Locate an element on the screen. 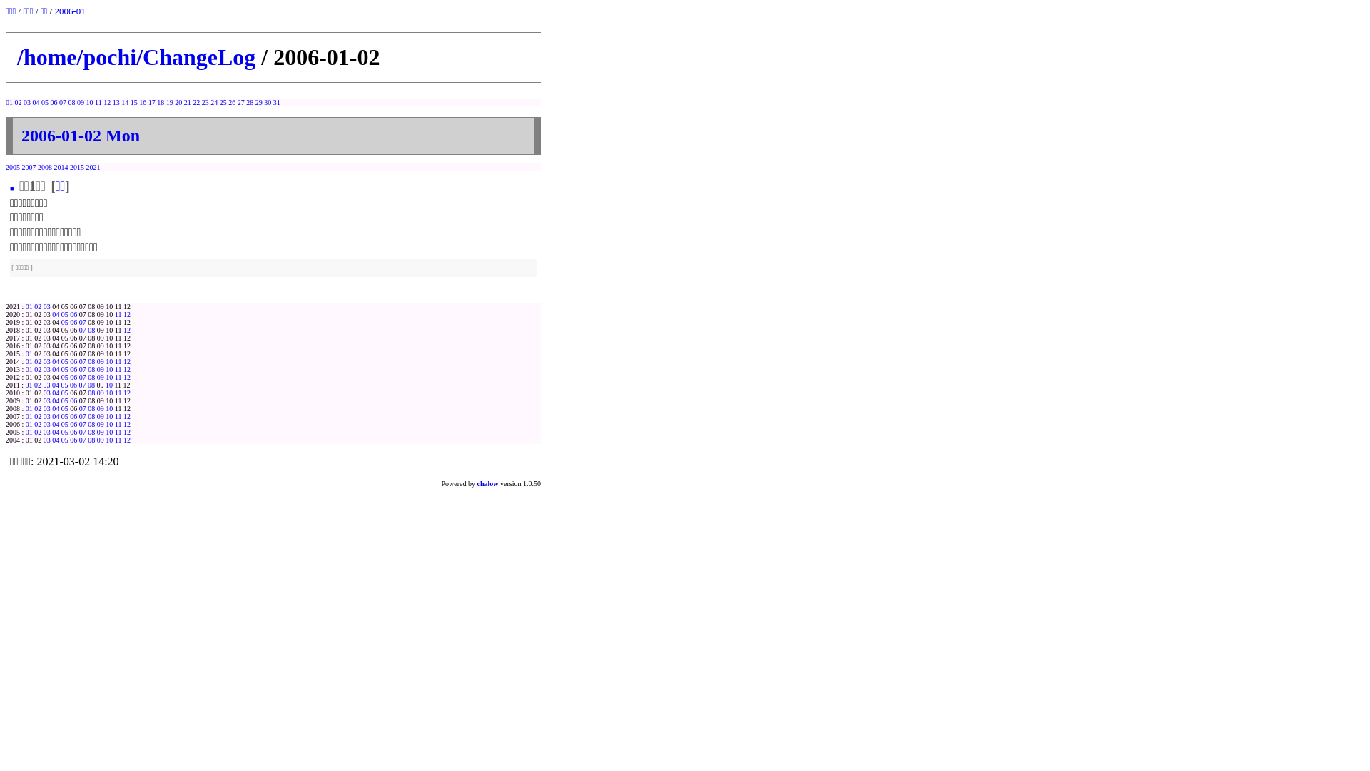  '12' is located at coordinates (106, 101).